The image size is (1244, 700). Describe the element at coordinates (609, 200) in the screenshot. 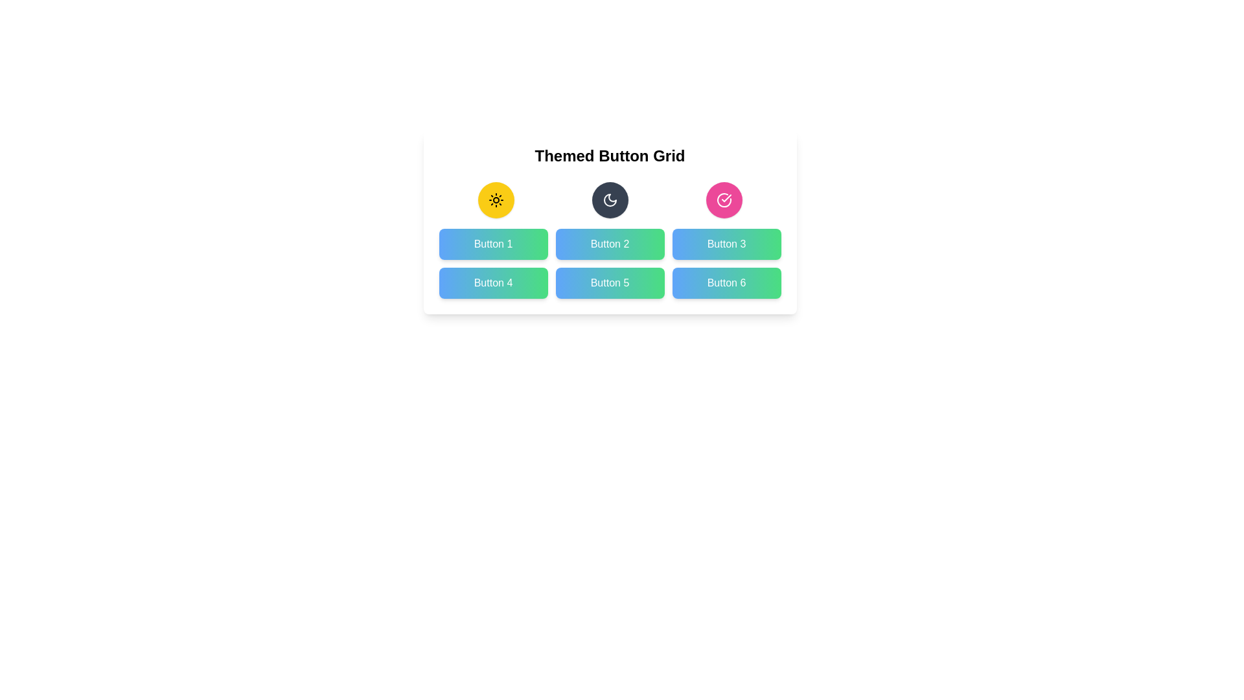

I see `the dark circular button with a moon icon in the 'Themed Button Grid' section` at that location.